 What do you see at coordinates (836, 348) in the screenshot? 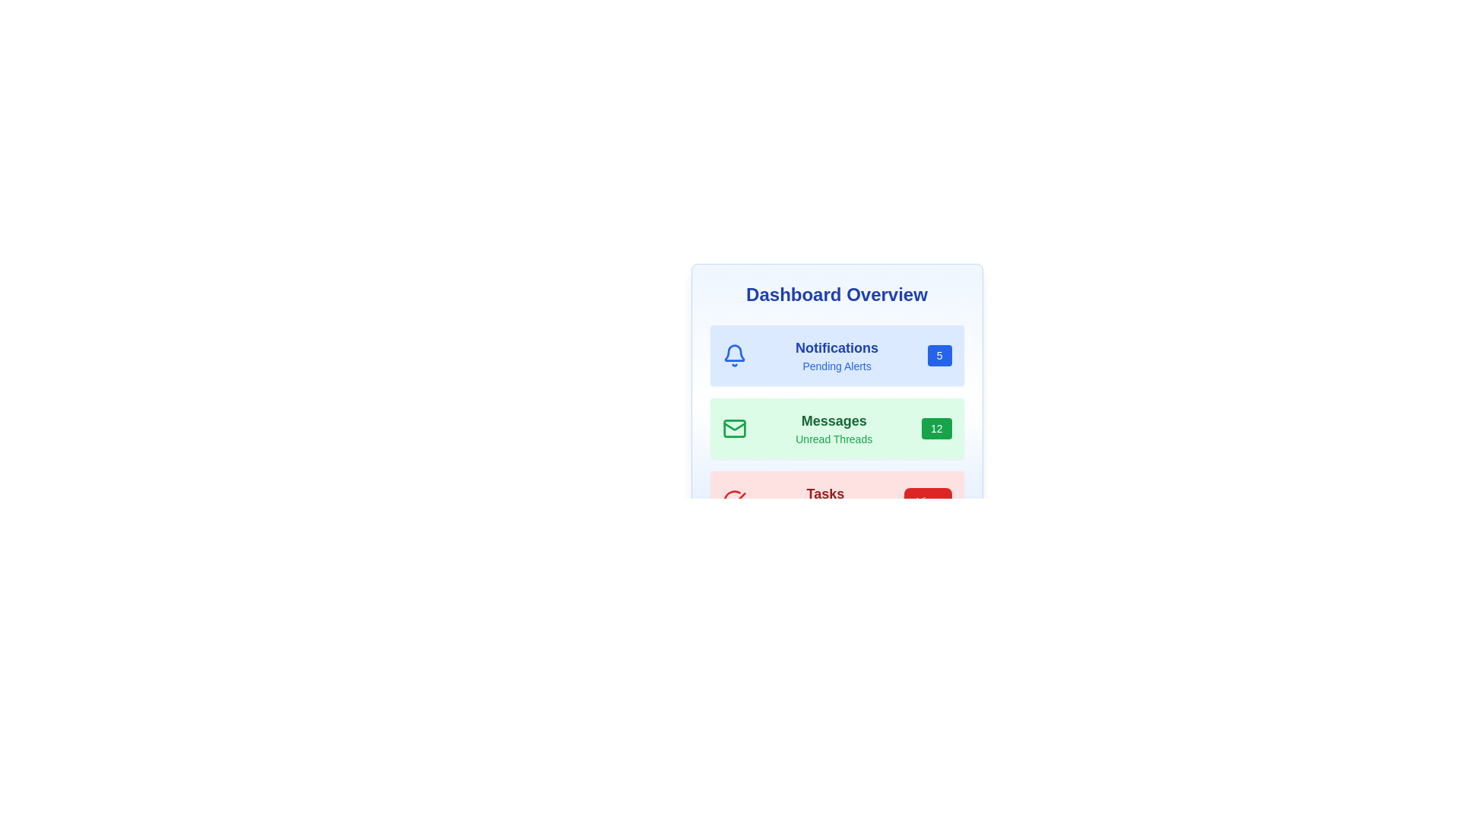
I see `the prominently styled 'Notifications' label, which is bold, large, and blue-colored, located above the 'Pending Alerts' subtitle in the top section of the dashboard layout` at bounding box center [836, 348].